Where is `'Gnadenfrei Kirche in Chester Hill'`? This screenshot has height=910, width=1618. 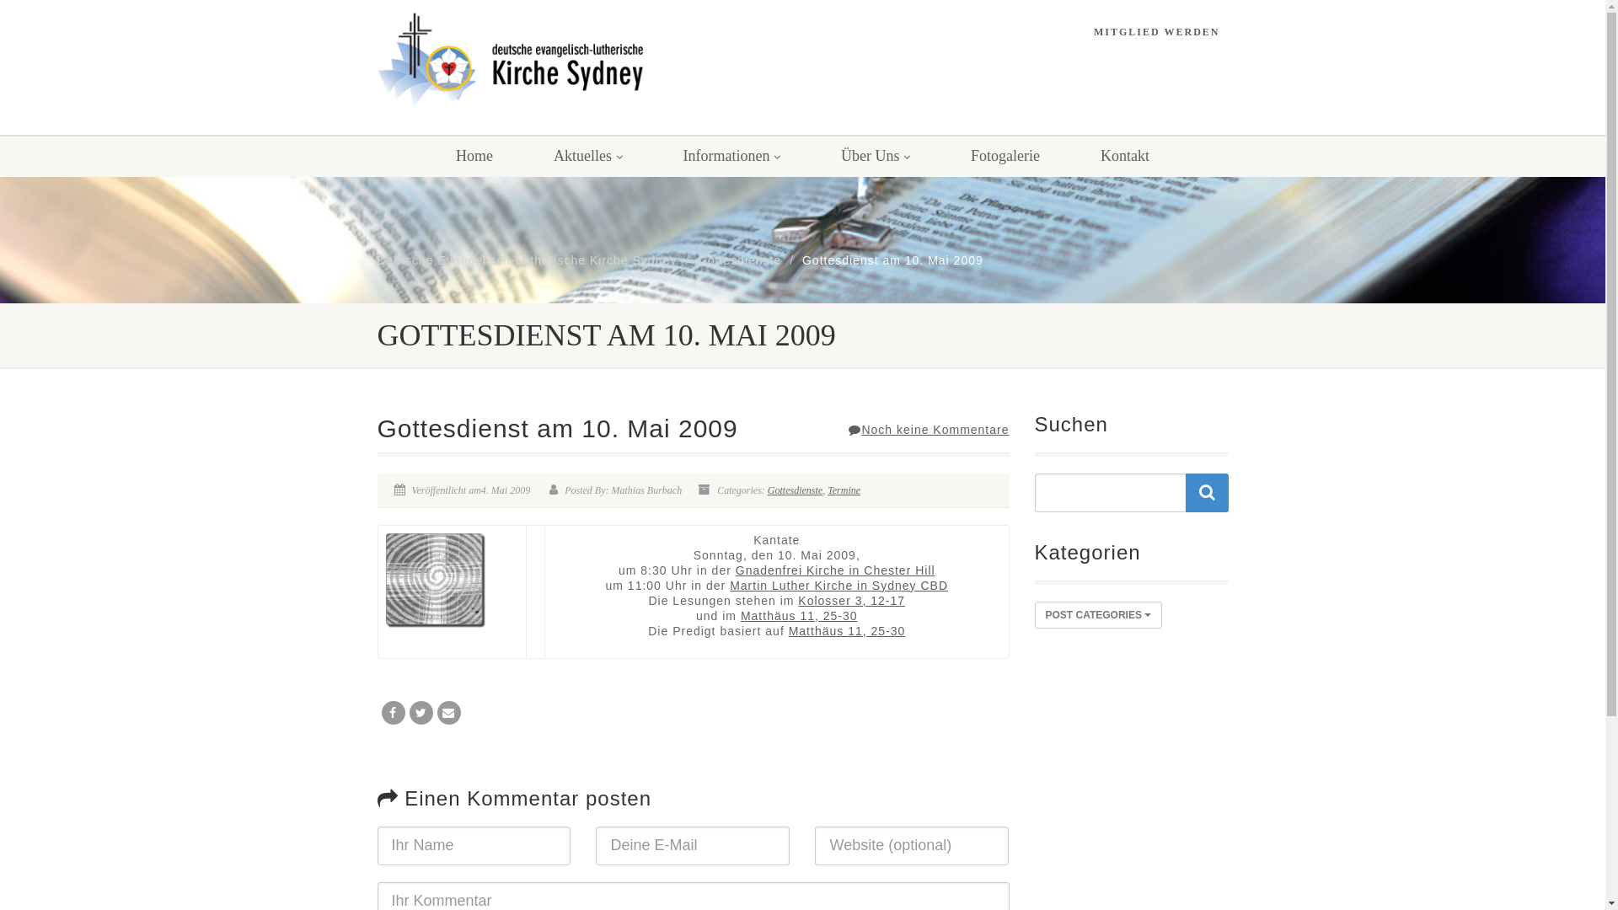
'Gnadenfrei Kirche in Chester Hill' is located at coordinates (835, 570).